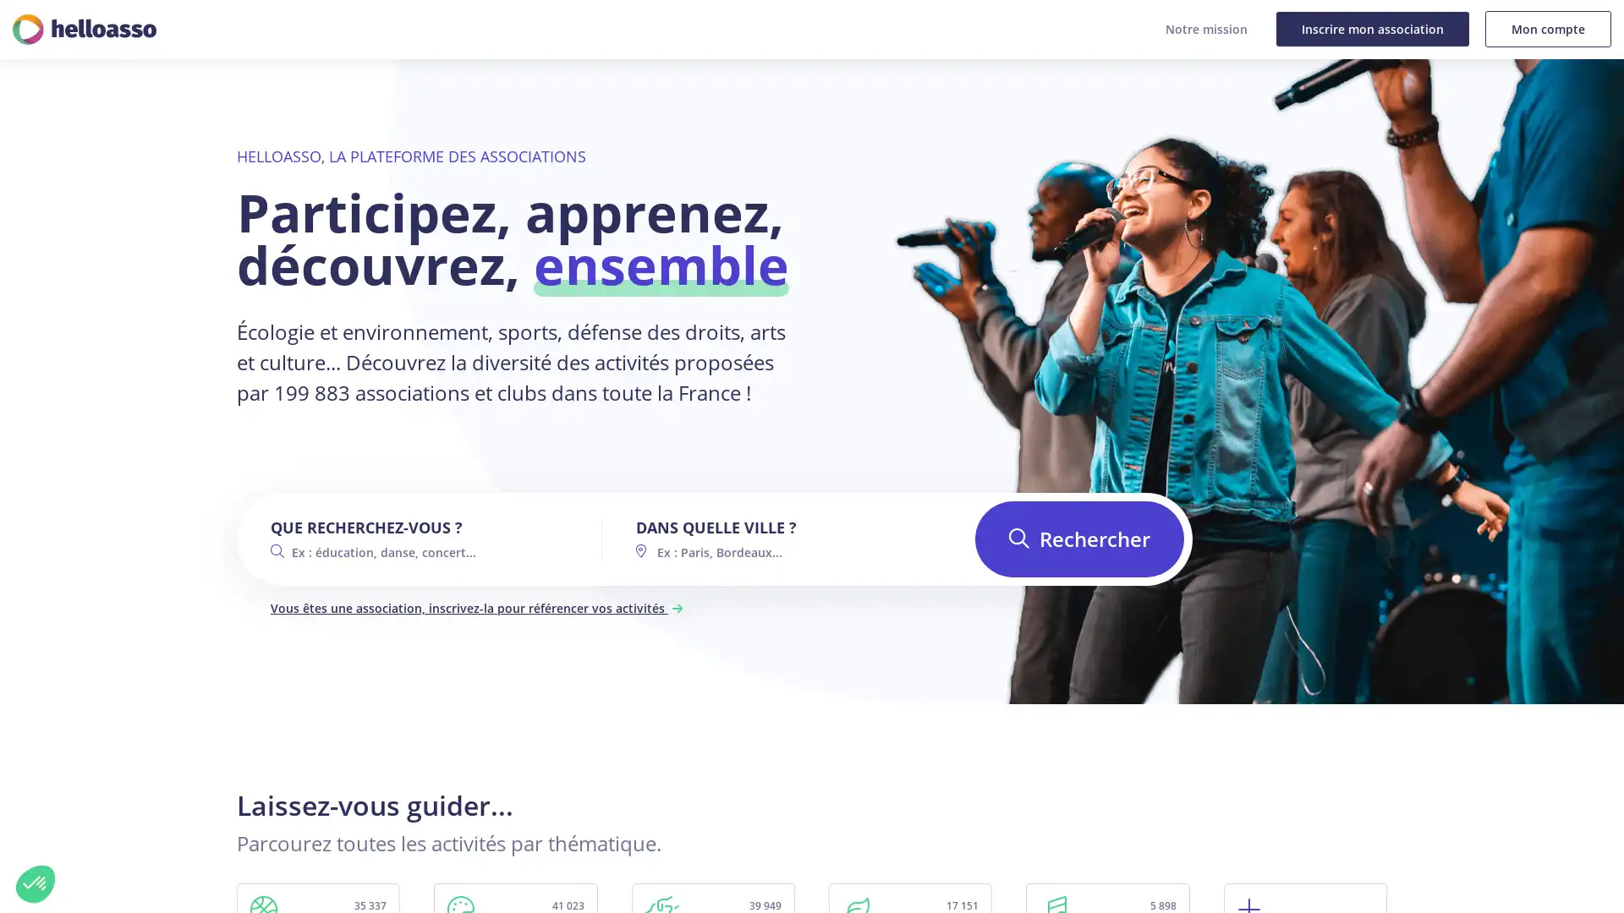 This screenshot has height=913, width=1624. What do you see at coordinates (195, 827) in the screenshot?
I see `Parametrer` at bounding box center [195, 827].